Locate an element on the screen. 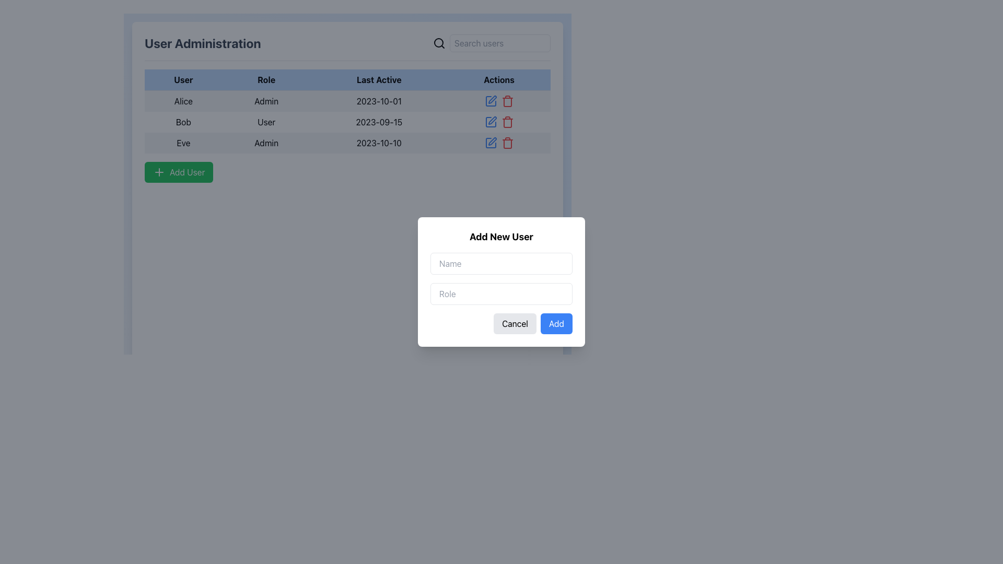  the text label 'User' located in the second cell of the 'Role' column in the table, positioned between 'Bob' and '2023-09-15' is located at coordinates (266, 122).